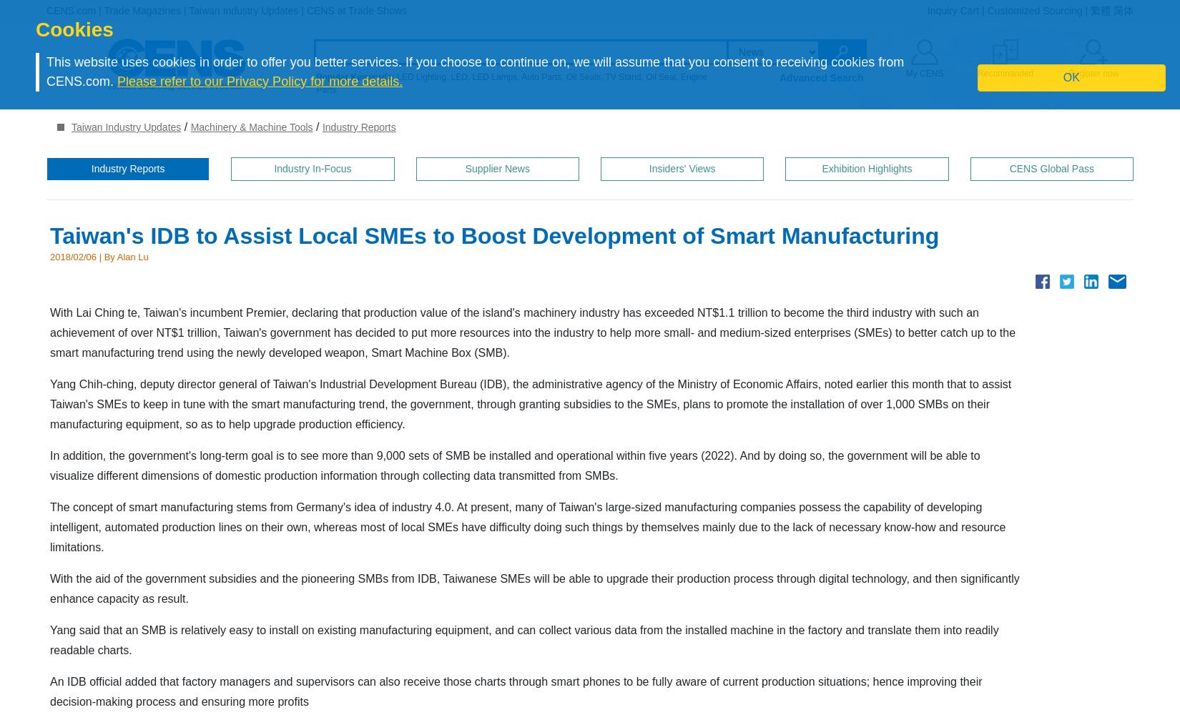  I want to click on 'Industry In-Focus', so click(311, 167).